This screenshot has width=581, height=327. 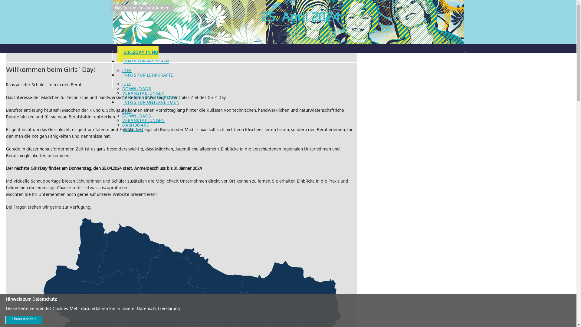 What do you see at coordinates (127, 85) in the screenshot?
I see `'IDEE'` at bounding box center [127, 85].